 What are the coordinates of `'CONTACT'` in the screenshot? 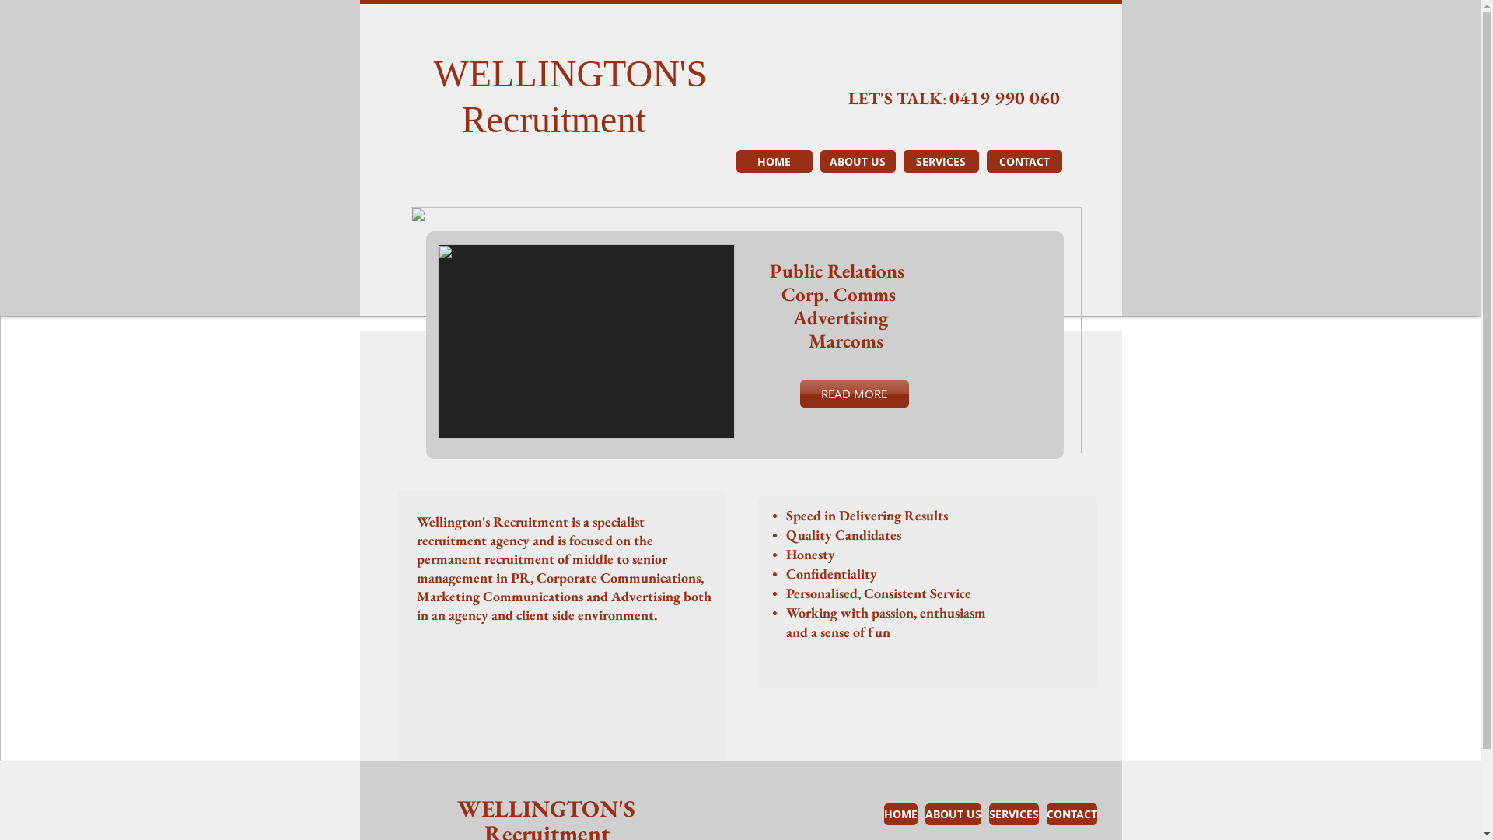 It's located at (1071, 813).